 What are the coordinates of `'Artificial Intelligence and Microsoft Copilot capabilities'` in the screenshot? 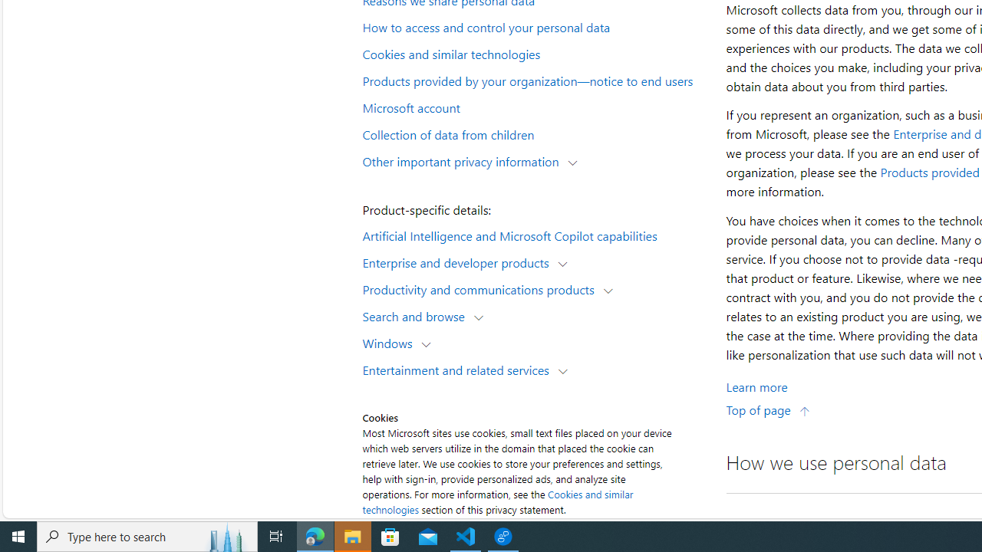 It's located at (534, 235).